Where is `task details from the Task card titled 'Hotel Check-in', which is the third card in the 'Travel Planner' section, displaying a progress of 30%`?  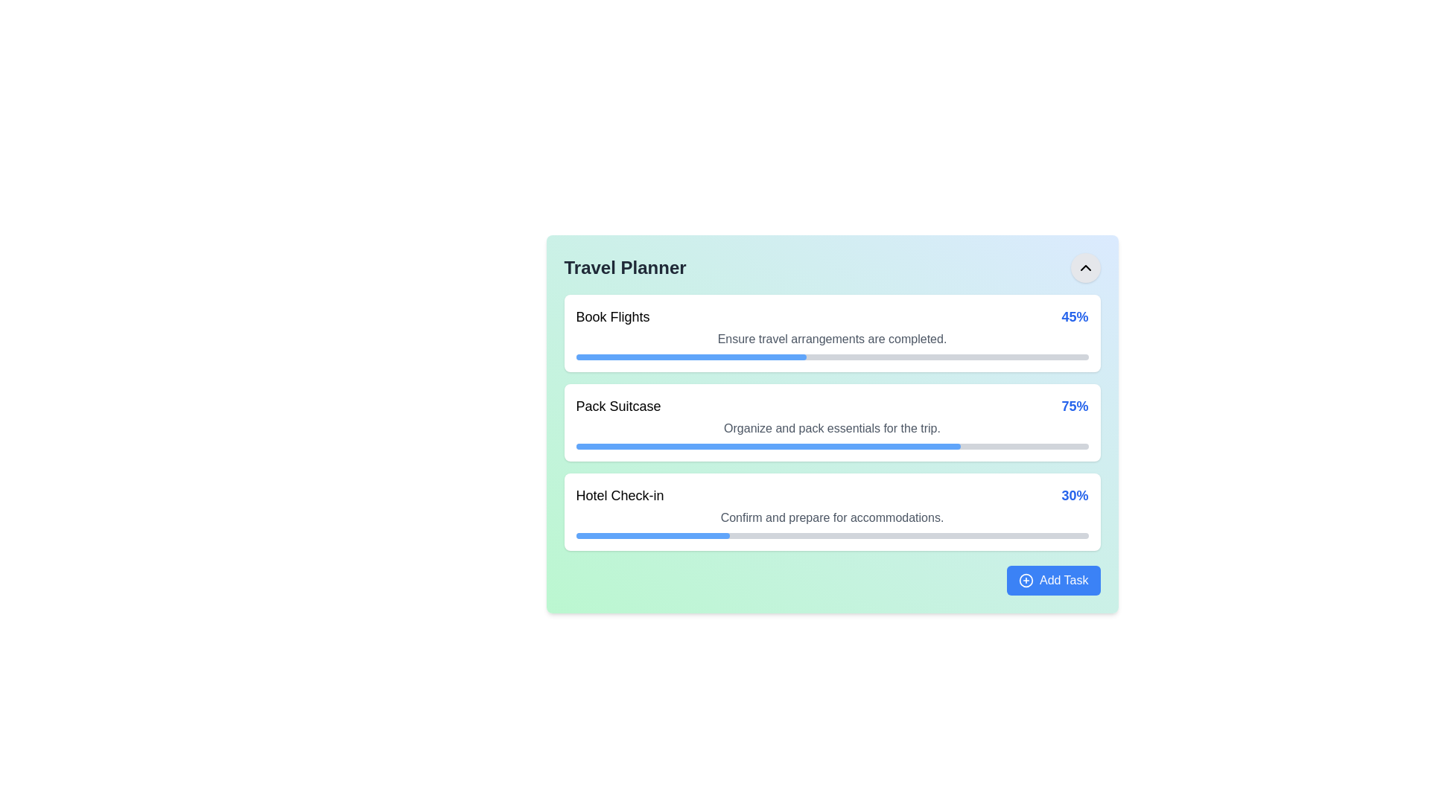
task details from the Task card titled 'Hotel Check-in', which is the third card in the 'Travel Planner' section, displaying a progress of 30% is located at coordinates (831, 511).